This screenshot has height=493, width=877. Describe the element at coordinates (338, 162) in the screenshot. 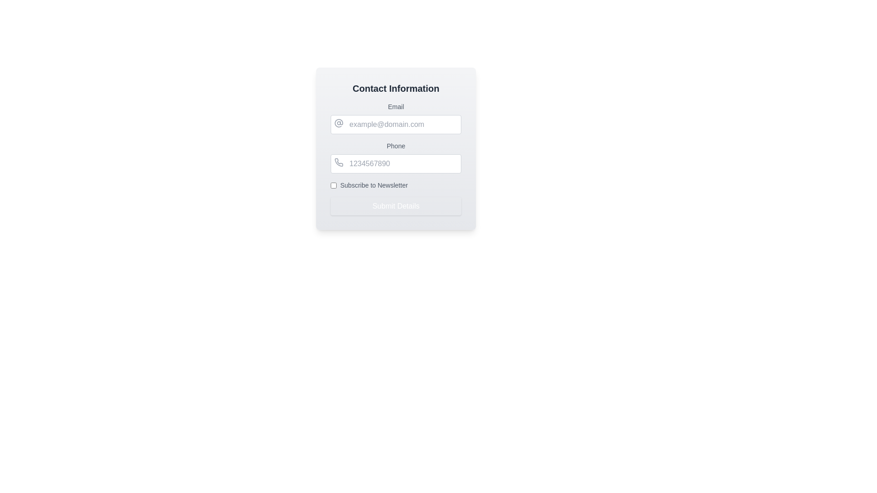

I see `the phone icon located next to the 'Phone' input field, which features a stylized vector graphic of a phone receiver` at that location.